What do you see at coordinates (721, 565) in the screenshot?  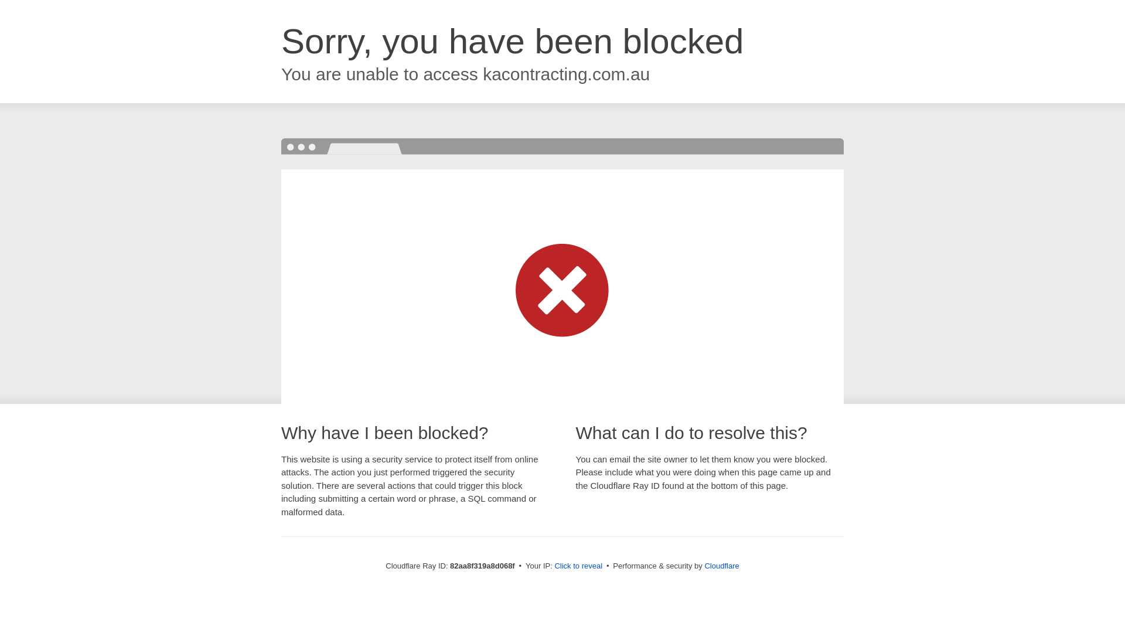 I see `'Cloudflare'` at bounding box center [721, 565].